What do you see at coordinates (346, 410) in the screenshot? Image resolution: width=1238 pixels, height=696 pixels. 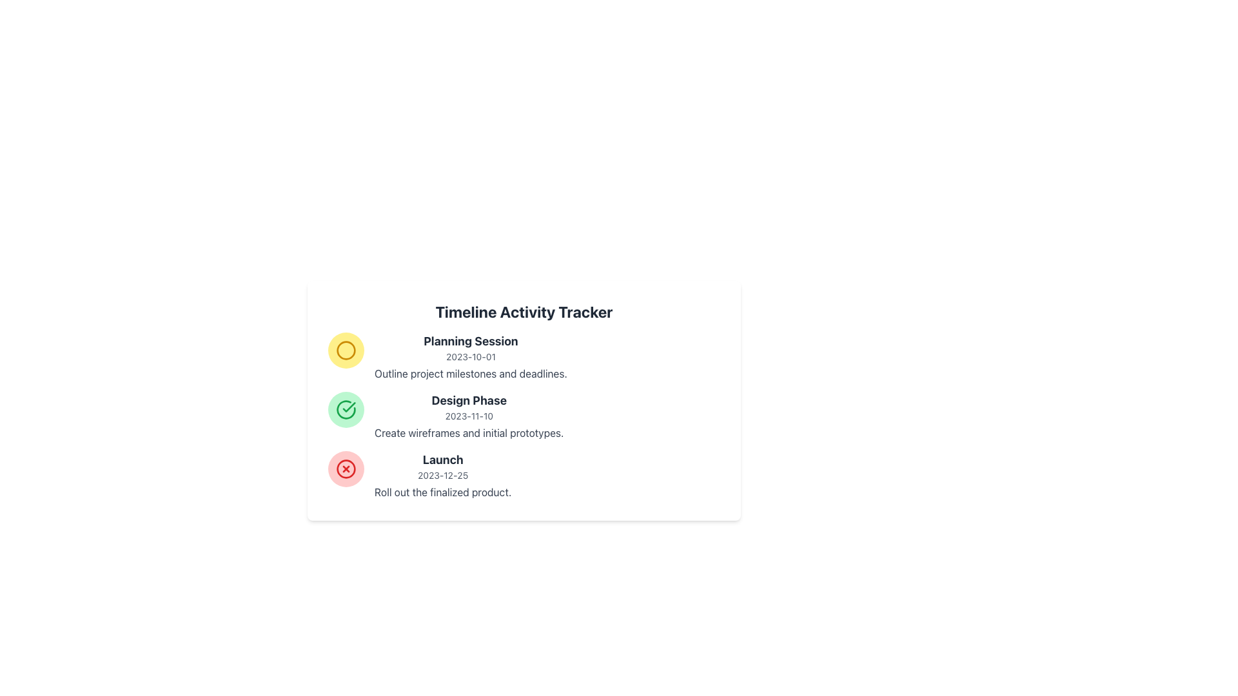 I see `the vector graphic icon that represents the completed status for the 'Design Phase' step in the vertical activity tracker layout` at bounding box center [346, 410].